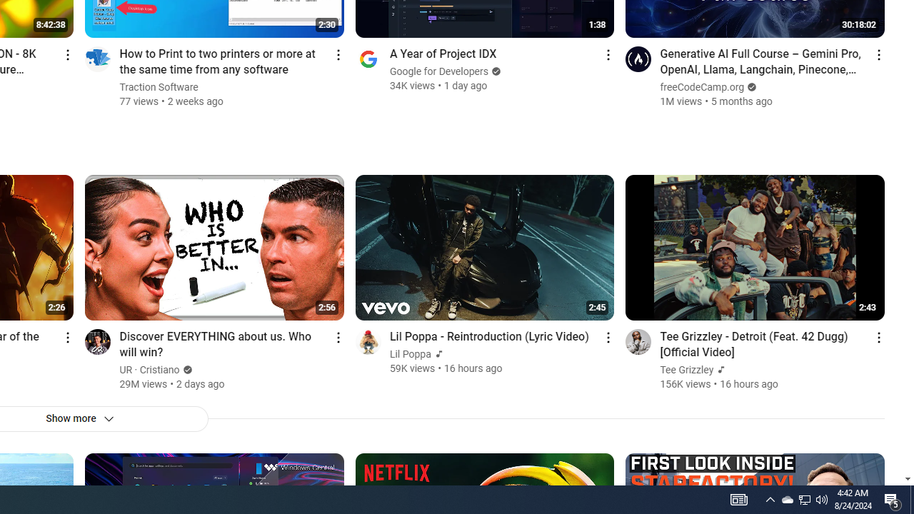 Image resolution: width=914 pixels, height=514 pixels. I want to click on 'Action menu', so click(878, 337).